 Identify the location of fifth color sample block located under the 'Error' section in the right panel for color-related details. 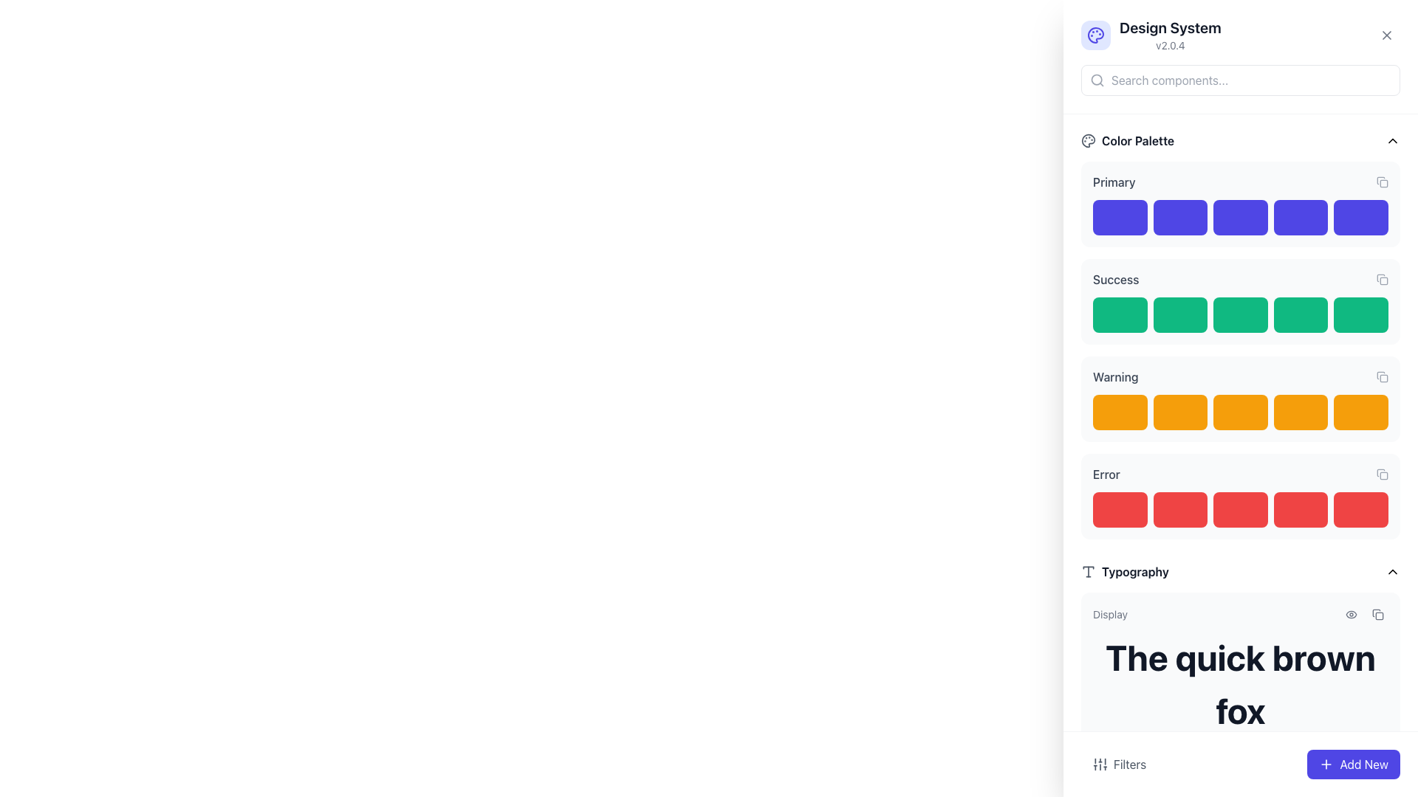
(1360, 508).